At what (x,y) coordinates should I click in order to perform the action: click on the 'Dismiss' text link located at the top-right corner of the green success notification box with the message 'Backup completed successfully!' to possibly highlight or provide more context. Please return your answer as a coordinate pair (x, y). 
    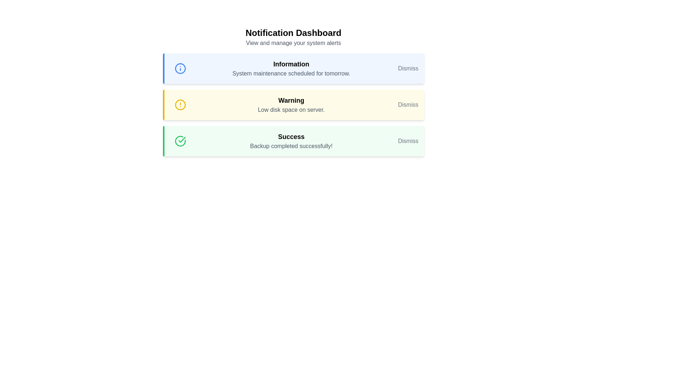
    Looking at the image, I should click on (408, 141).